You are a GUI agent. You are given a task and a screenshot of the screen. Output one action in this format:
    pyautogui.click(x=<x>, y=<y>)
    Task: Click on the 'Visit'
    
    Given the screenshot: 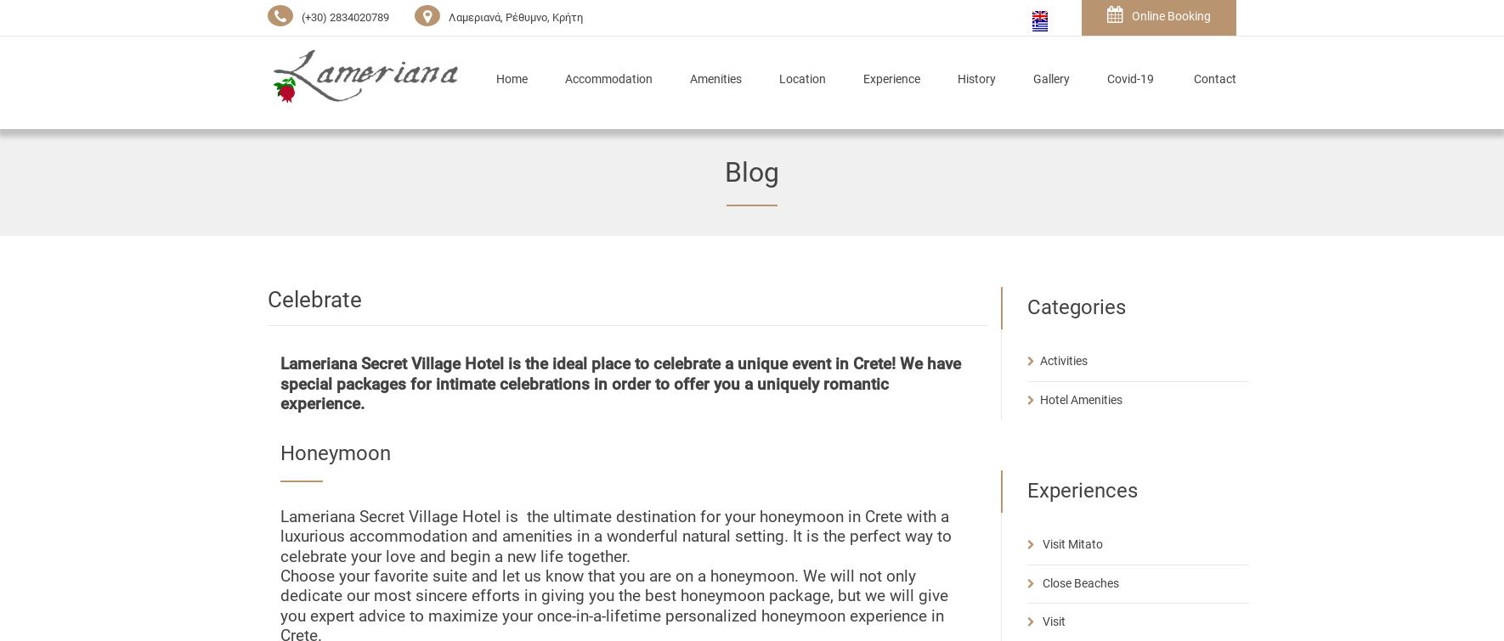 What is the action you would take?
    pyautogui.click(x=1052, y=620)
    